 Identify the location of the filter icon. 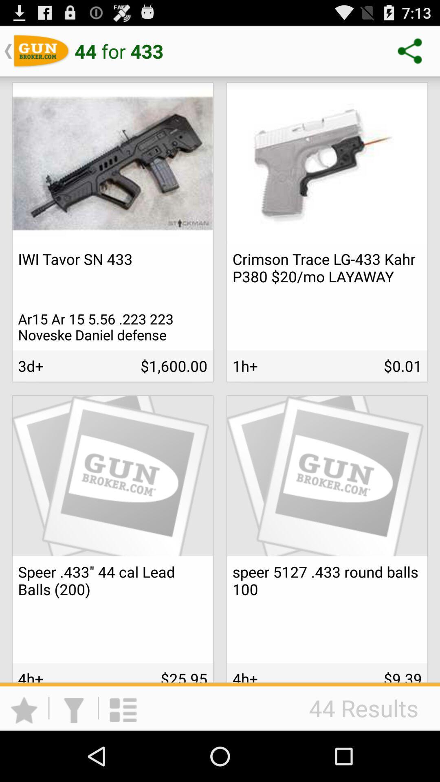
(73, 758).